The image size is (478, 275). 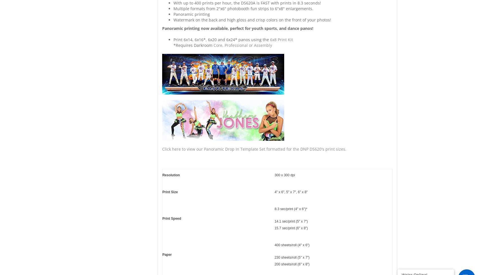 What do you see at coordinates (246, 3) in the screenshot?
I see `'With up to 400 prints per hour, the DS620A is FAST with prints in 8.3 seconds!'` at bounding box center [246, 3].